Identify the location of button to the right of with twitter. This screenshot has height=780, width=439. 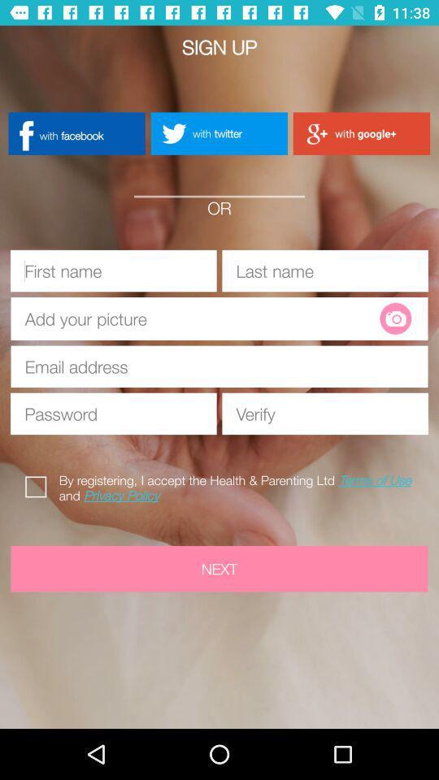
(361, 132).